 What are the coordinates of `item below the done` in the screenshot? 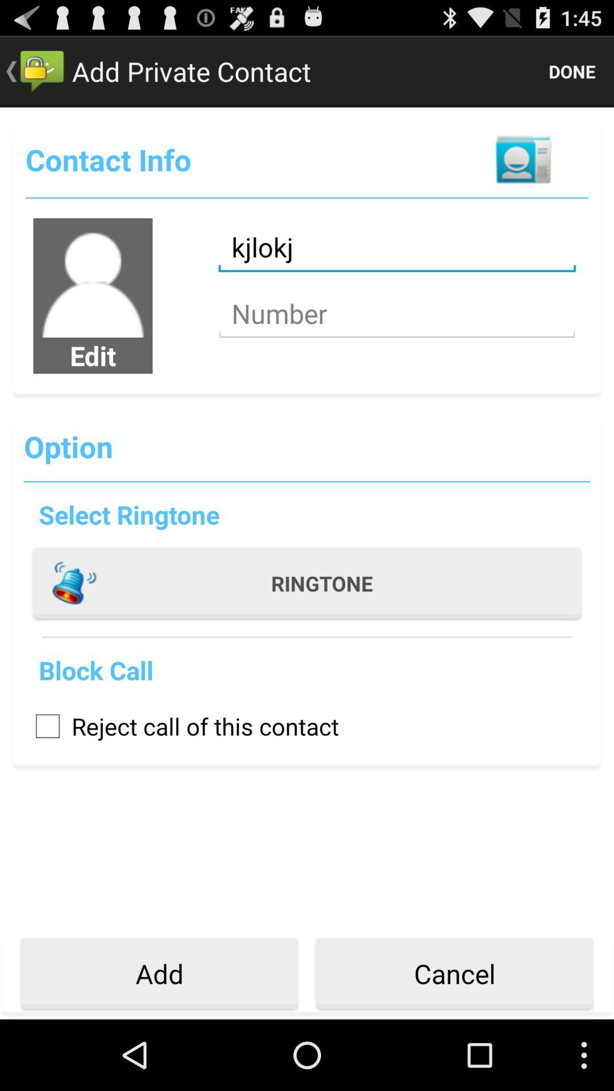 It's located at (523, 159).